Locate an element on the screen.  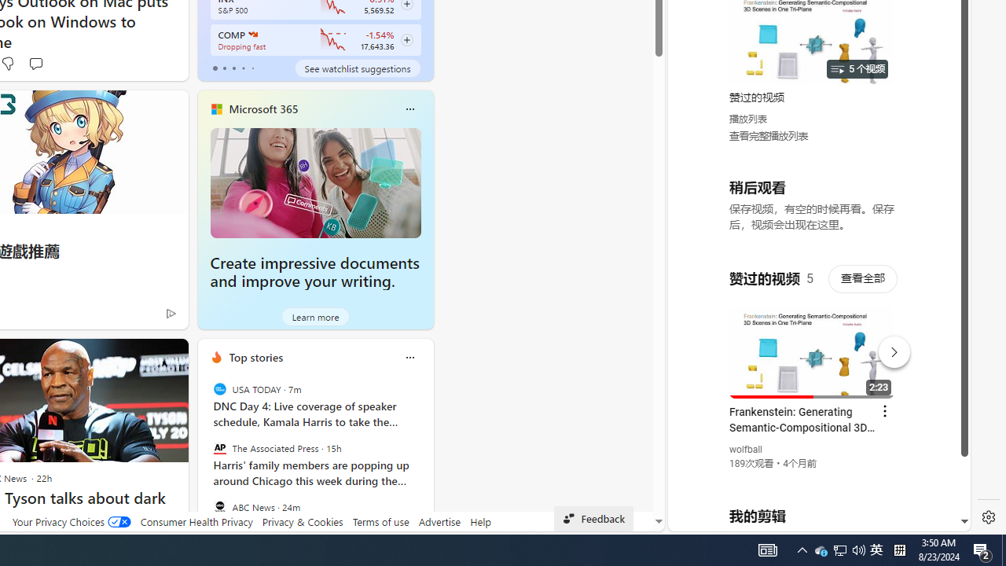
'Class: follow-button  m' is located at coordinates (406, 39).